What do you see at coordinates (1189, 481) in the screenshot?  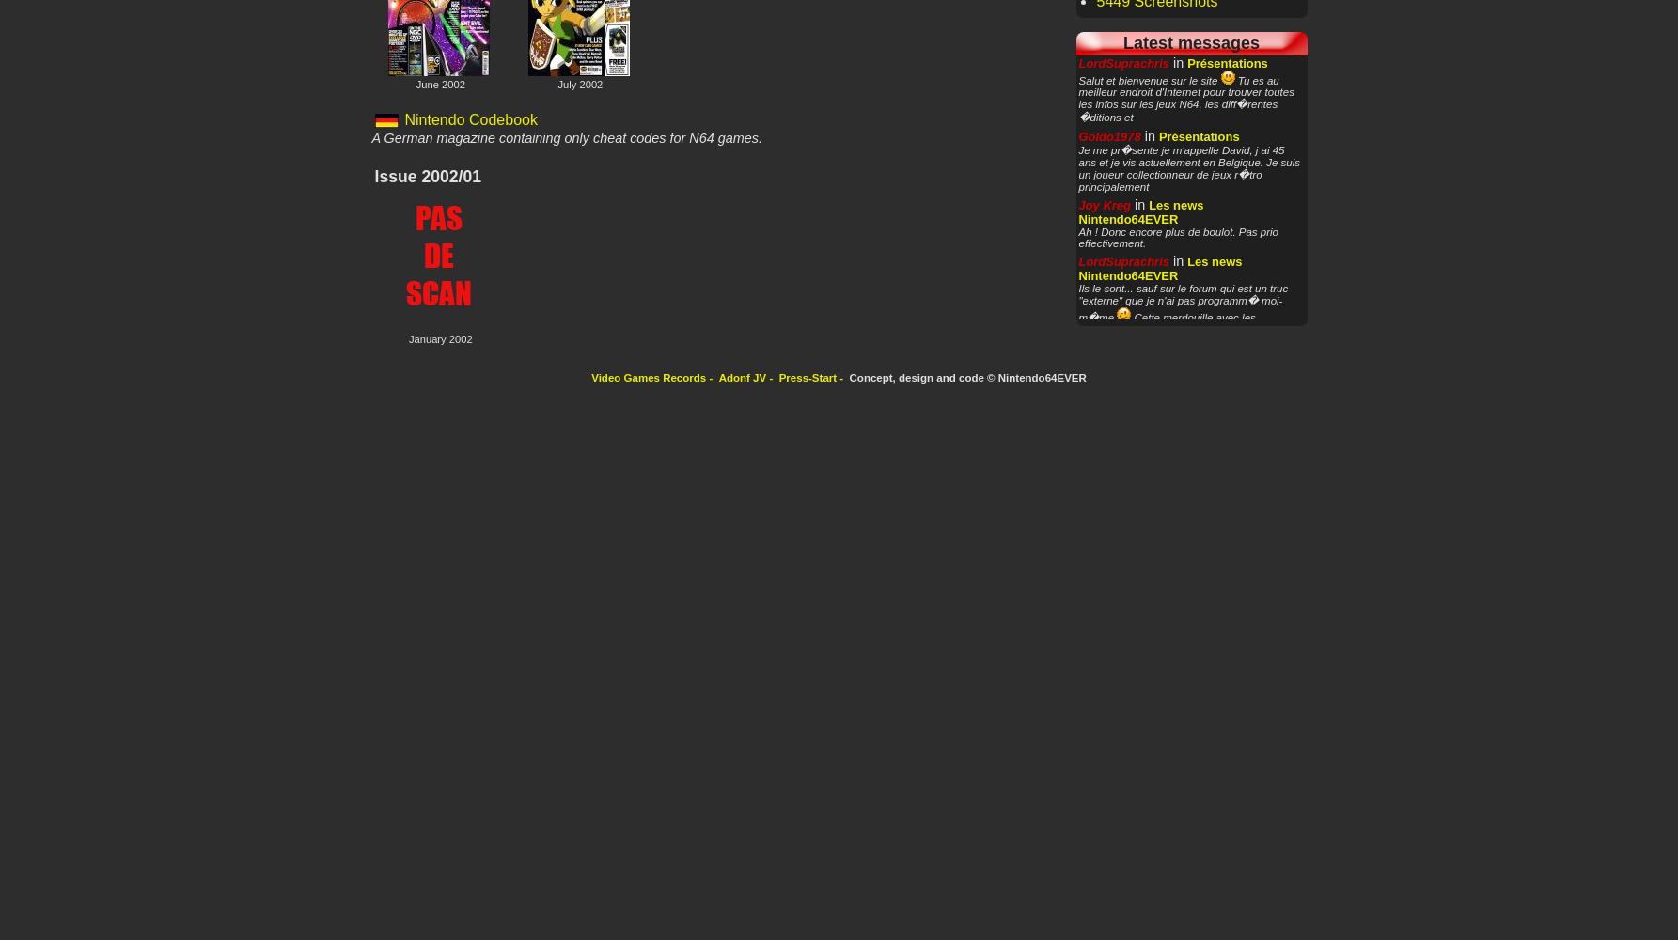 I see `'Ok, je vais continuer � faire les lives sur Nintendo 64. J'ai eu un creux de 10 mois pendant lesquels je n'ai pas stream�. Mais j'ai repris l�.'` at bounding box center [1189, 481].